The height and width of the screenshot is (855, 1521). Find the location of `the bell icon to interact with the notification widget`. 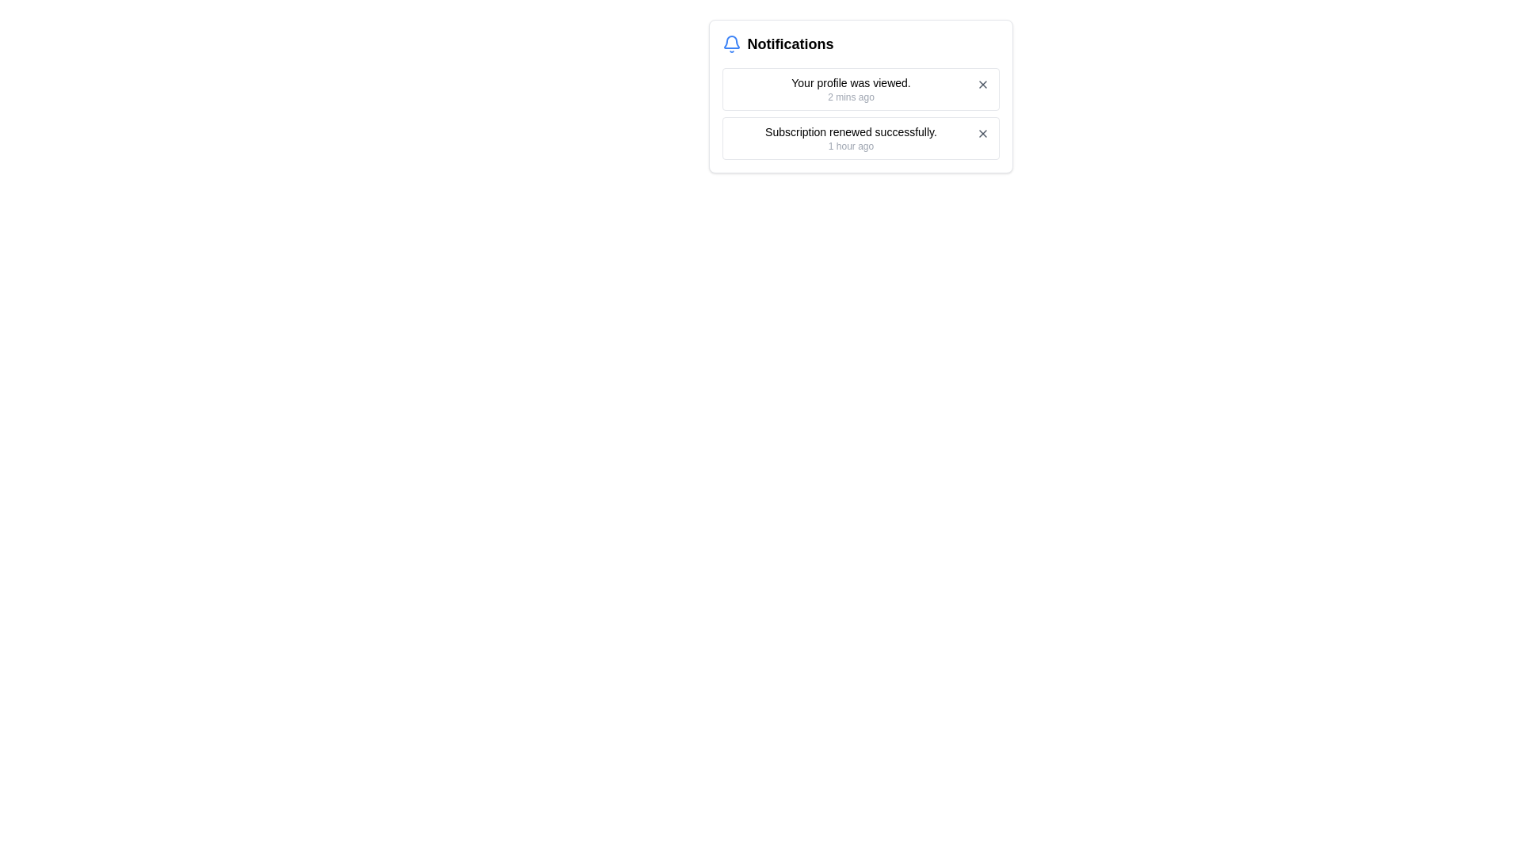

the bell icon to interact with the notification widget is located at coordinates (730, 44).